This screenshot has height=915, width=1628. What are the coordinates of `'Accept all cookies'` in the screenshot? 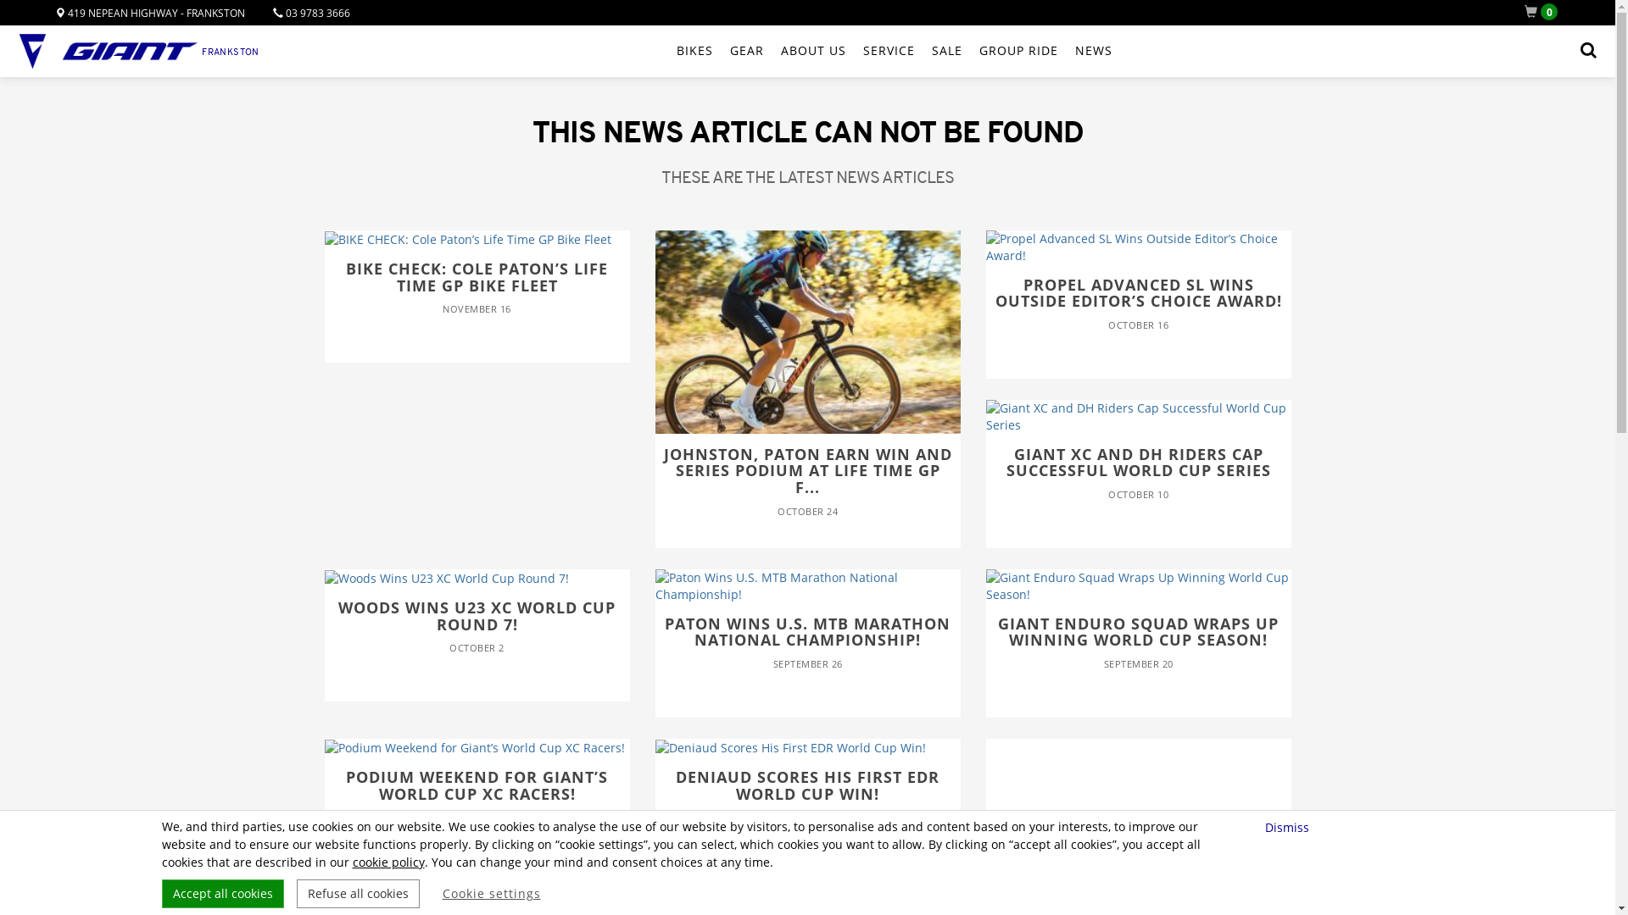 It's located at (221, 893).